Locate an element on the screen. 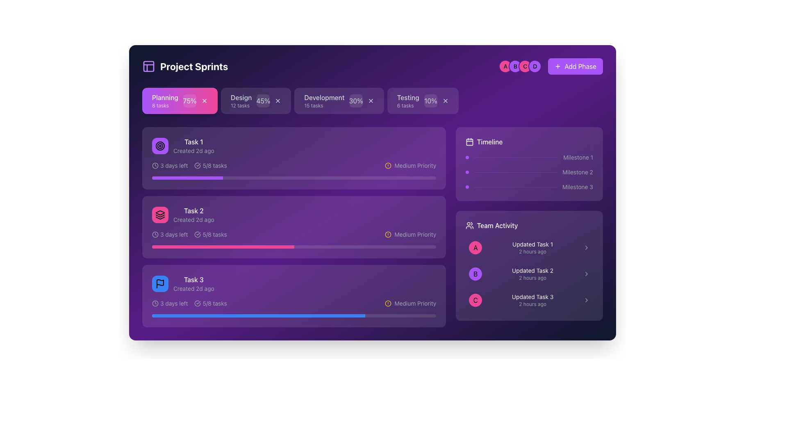 This screenshot has height=443, width=787. priority level from the 'Medium Priority' text indicator, which is styled in gray and accompanied by an amber-colored icon with an exclamation mark is located at coordinates (410, 234).